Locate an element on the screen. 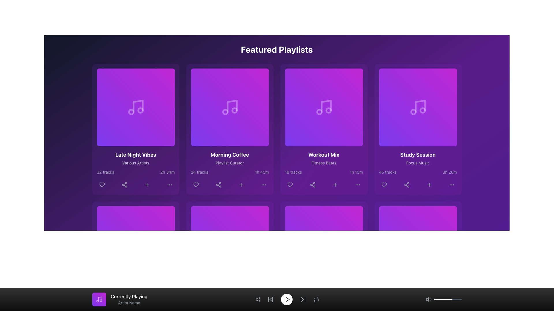 This screenshot has height=311, width=554. the music playlist icon located in the top-right section of the 'Study Session' card, which is the fourth card in the top row of the 'Featured Playlists' grid layout is located at coordinates (420, 106).